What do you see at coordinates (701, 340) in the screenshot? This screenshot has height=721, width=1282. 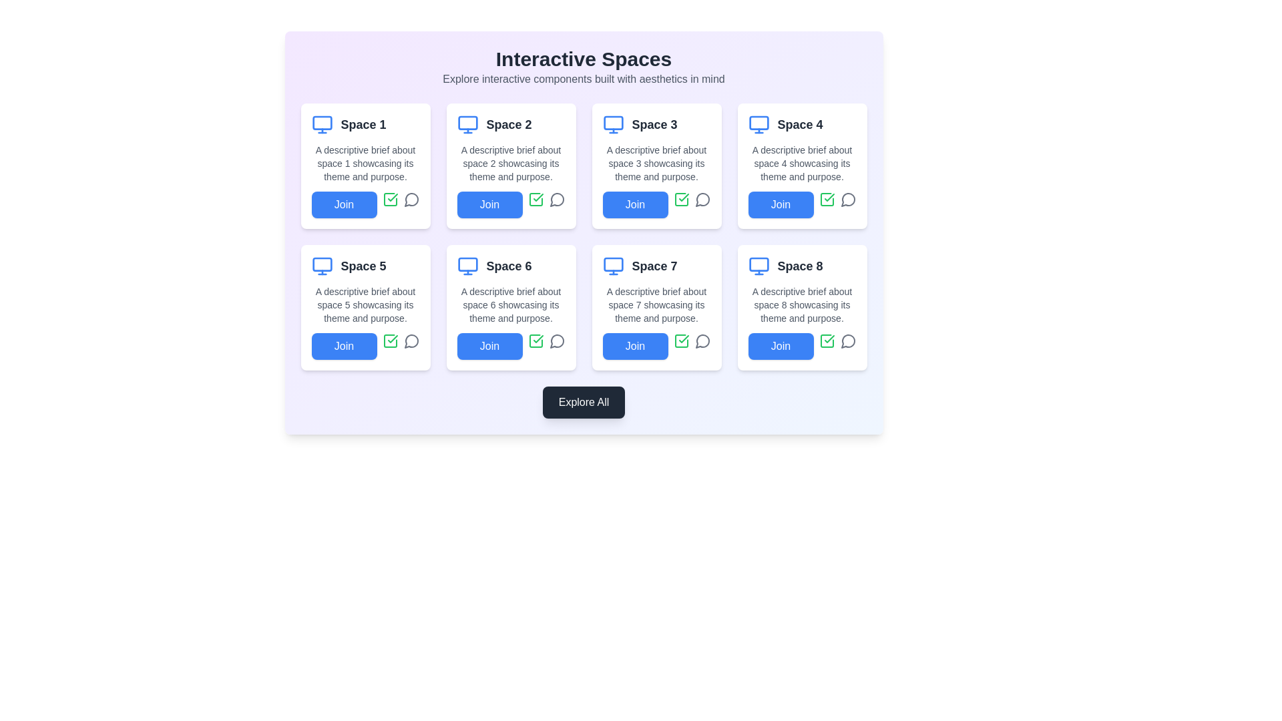 I see `the comments icon located in the bottom-right corner of the 'Space 7' card to initiate a comment-related action` at bounding box center [701, 340].